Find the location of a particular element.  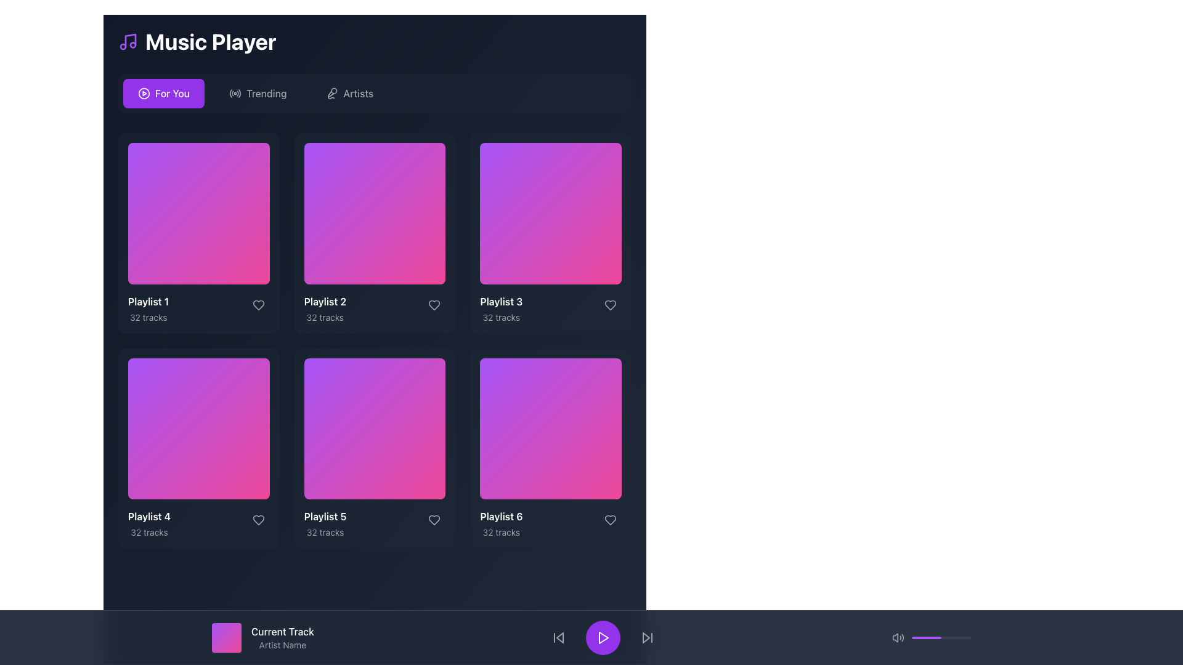

the slider value is located at coordinates (913, 637).